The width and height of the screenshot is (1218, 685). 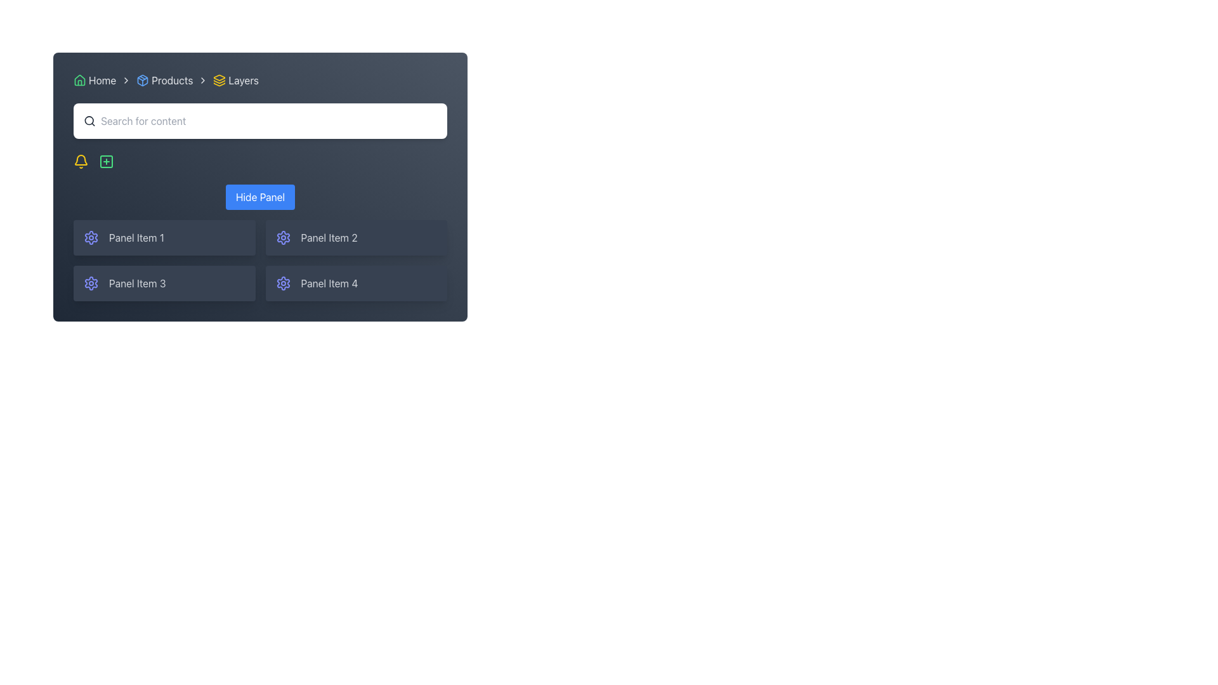 I want to click on the green home outline icon located at the far left of the breadcrumb navigation section, so click(x=79, y=81).